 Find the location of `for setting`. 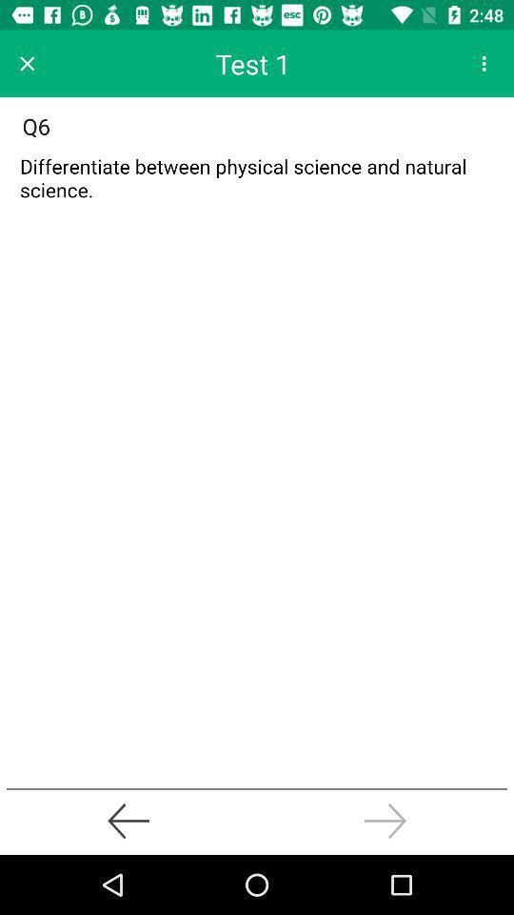

for setting is located at coordinates (484, 63).